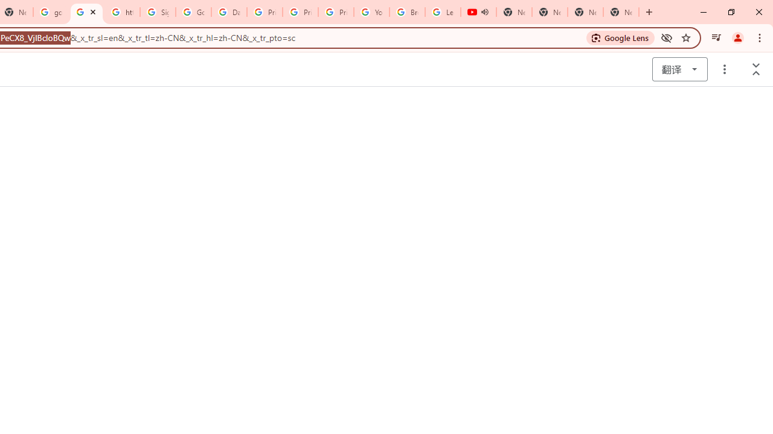 This screenshot has height=434, width=773. What do you see at coordinates (86, 12) in the screenshot?
I see `'https://scholar.google.com/'` at bounding box center [86, 12].